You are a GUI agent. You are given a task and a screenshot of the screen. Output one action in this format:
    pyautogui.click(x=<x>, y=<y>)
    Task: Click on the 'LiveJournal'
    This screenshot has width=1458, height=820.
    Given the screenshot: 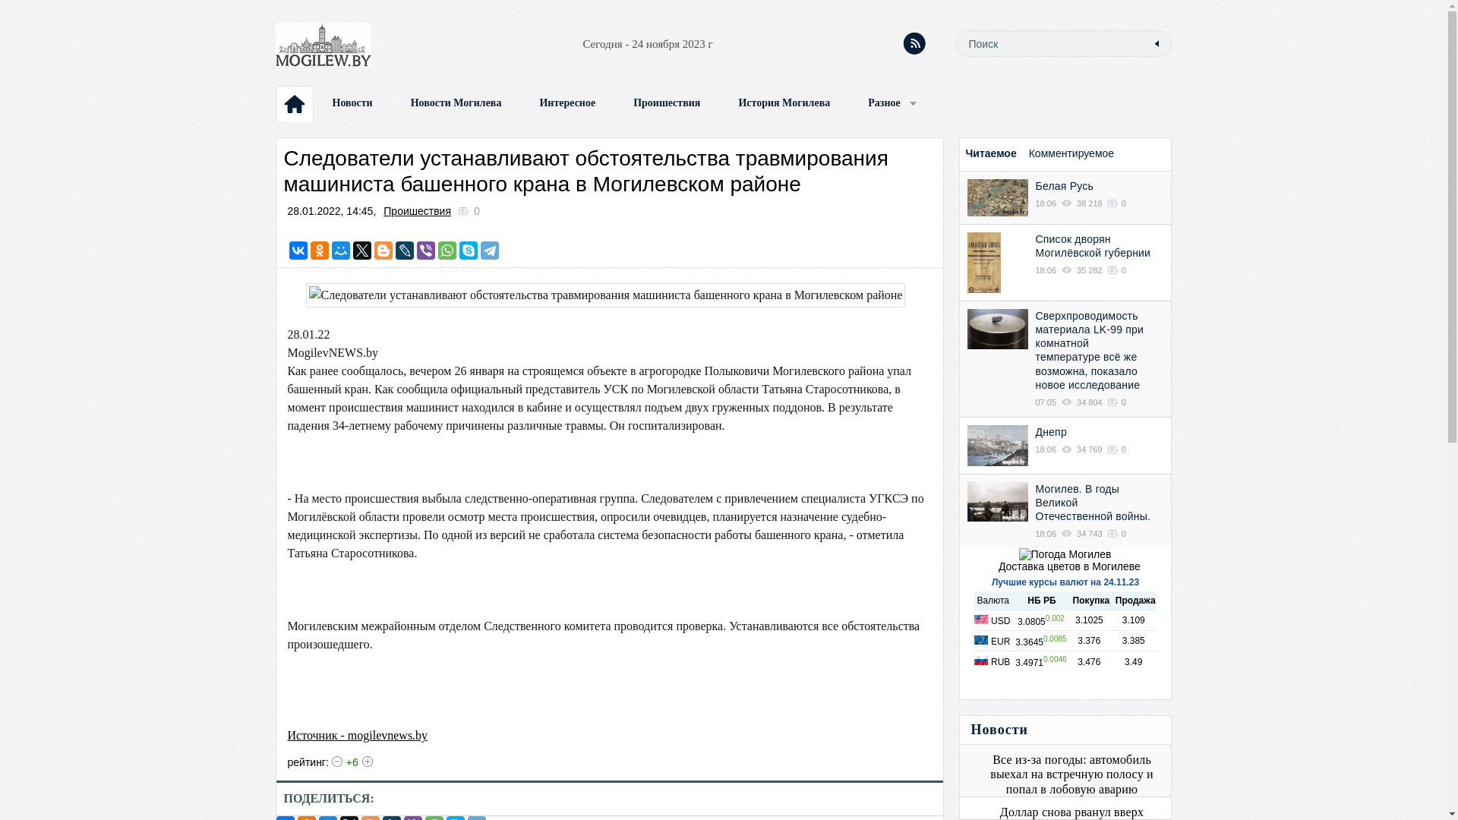 What is the action you would take?
    pyautogui.click(x=404, y=250)
    